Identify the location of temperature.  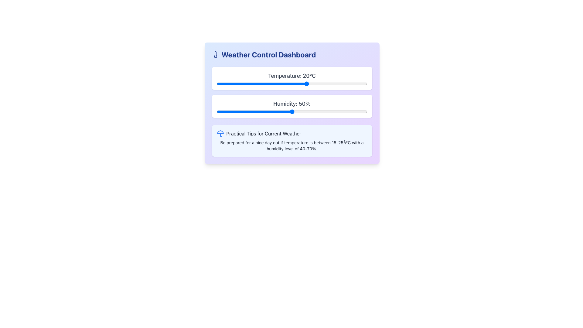
(325, 84).